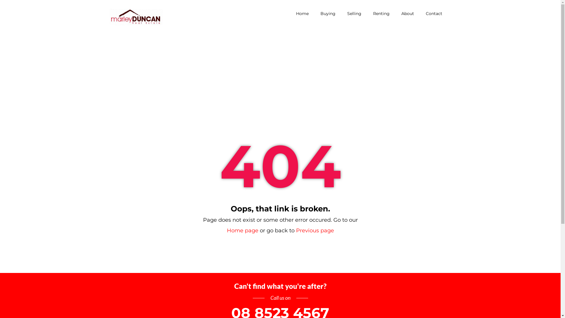  I want to click on 'Home', so click(302, 13).